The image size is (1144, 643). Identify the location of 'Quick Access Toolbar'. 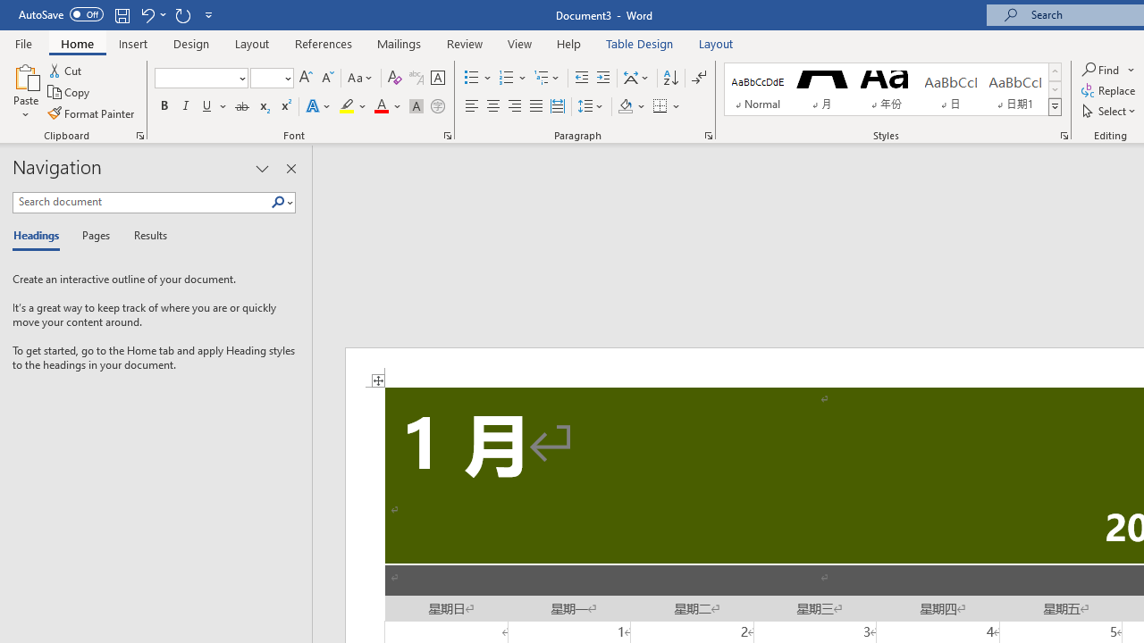
(116, 14).